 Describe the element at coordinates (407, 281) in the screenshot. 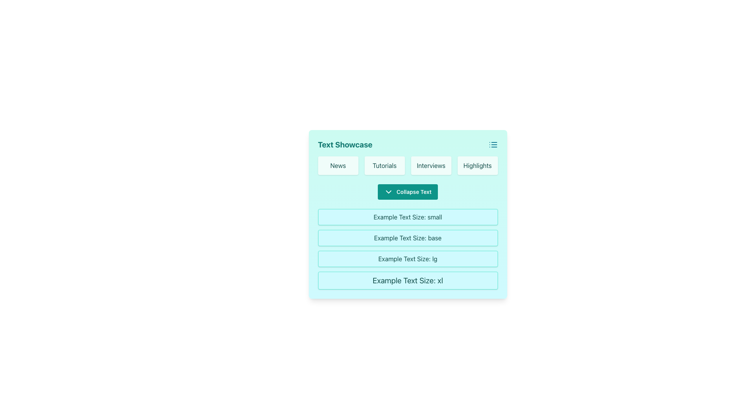

I see `the Text Display Component with the dark teal text reading 'Example Text Size: xl' that has a light cyan background and a rounded border` at that location.